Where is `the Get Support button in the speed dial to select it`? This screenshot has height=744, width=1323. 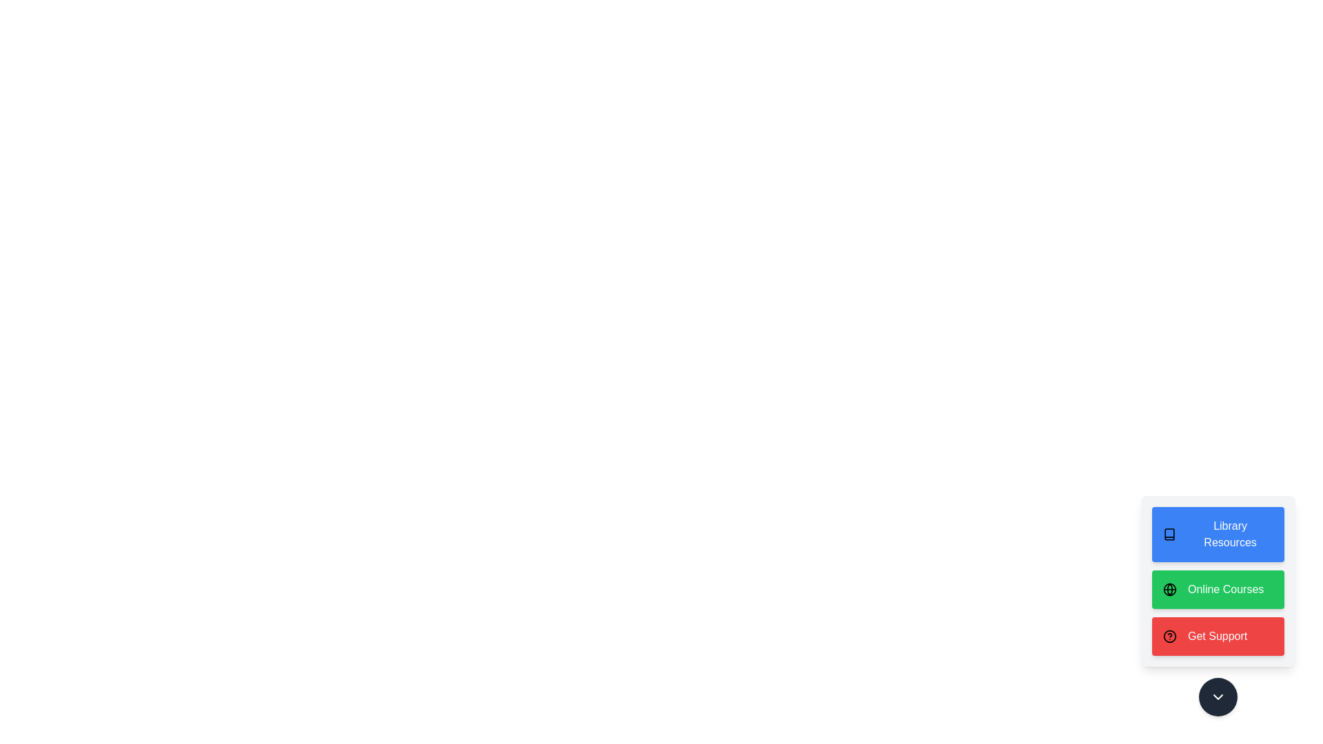
the Get Support button in the speed dial to select it is located at coordinates (1218, 637).